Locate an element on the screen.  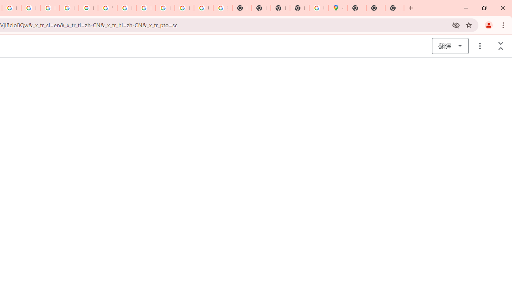
'YouTube' is located at coordinates (107, 8).